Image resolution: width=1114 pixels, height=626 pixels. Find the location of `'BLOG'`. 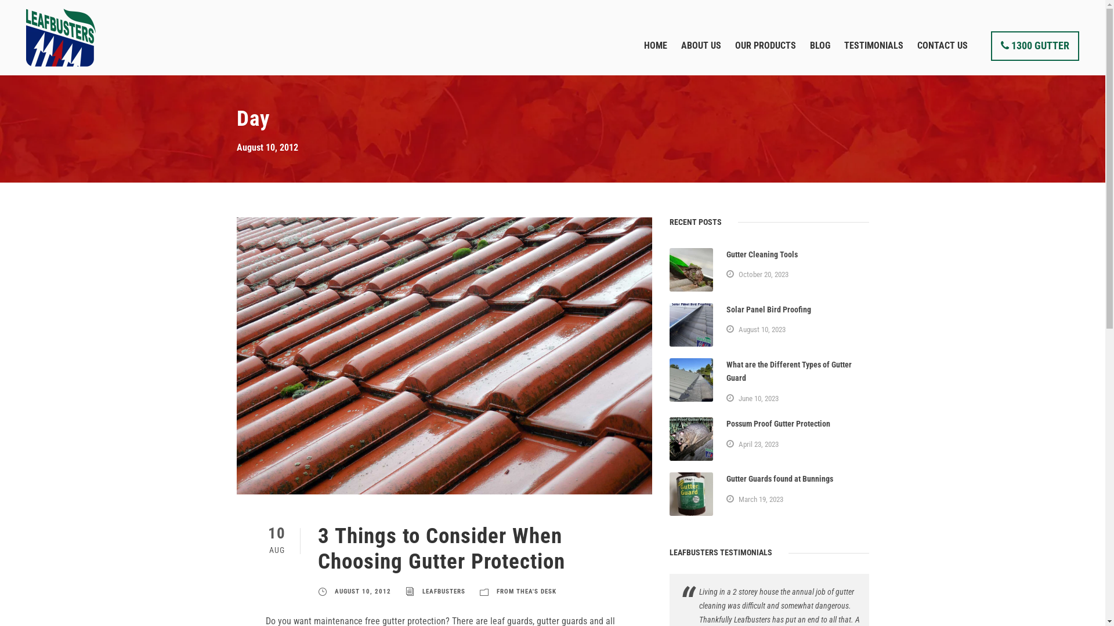

'BLOG' is located at coordinates (819, 56).